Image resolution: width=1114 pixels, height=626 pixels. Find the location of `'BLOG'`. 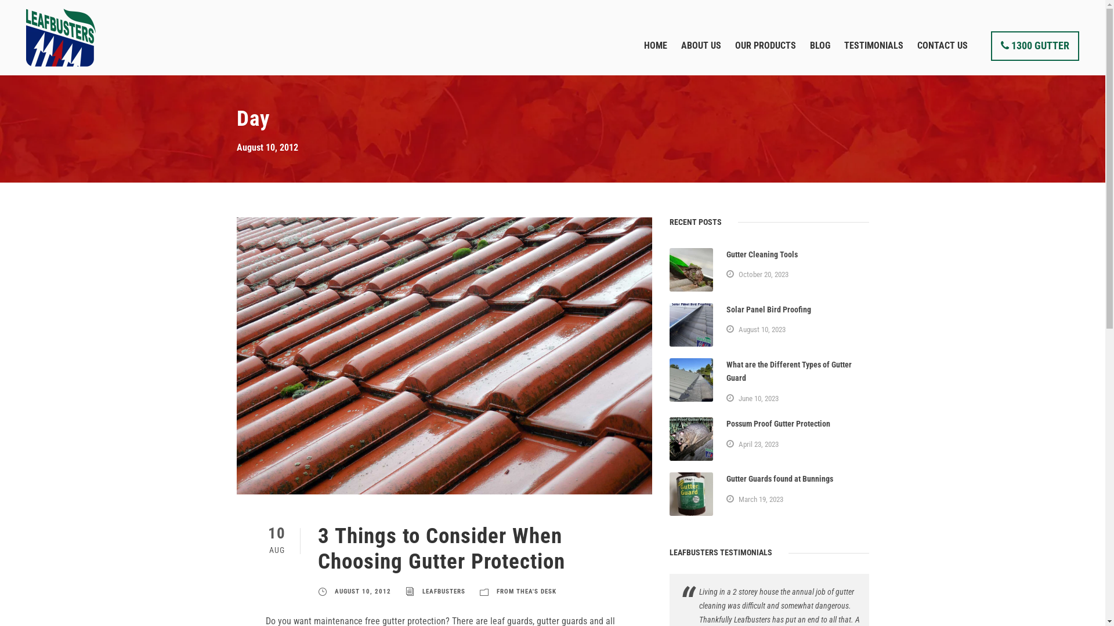

'BLOG' is located at coordinates (819, 56).